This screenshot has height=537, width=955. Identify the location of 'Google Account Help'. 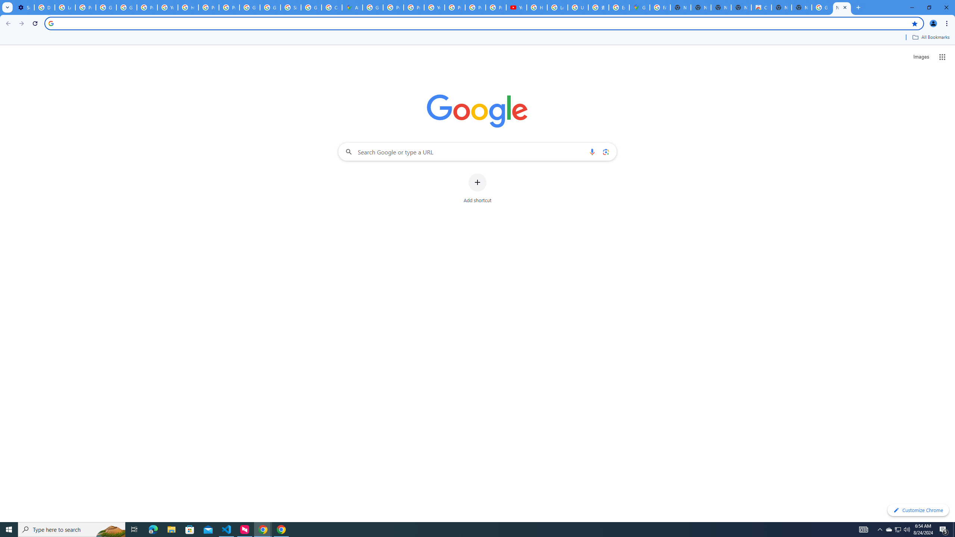
(106, 7).